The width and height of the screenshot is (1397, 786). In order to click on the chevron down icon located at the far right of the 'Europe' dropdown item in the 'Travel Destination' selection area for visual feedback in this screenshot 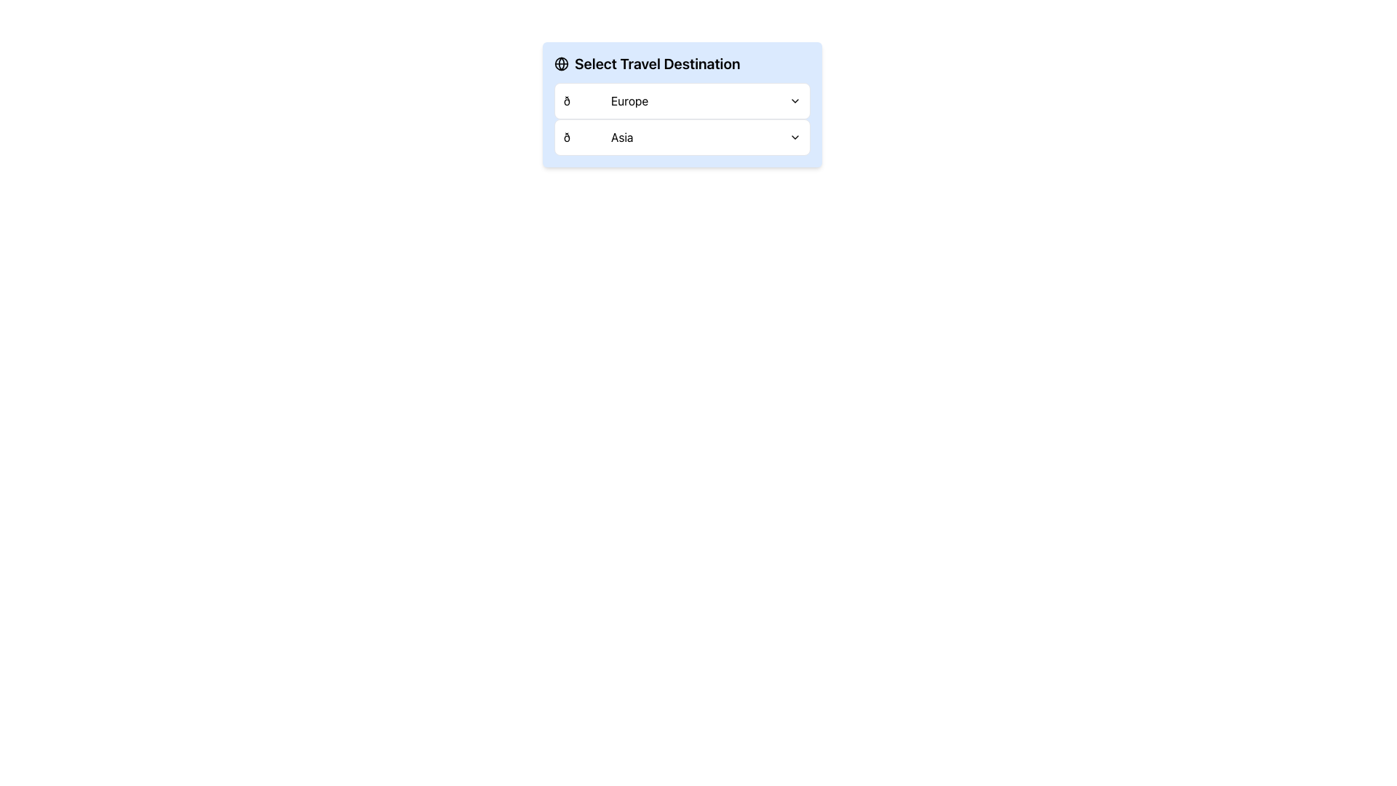, I will do `click(795, 100)`.